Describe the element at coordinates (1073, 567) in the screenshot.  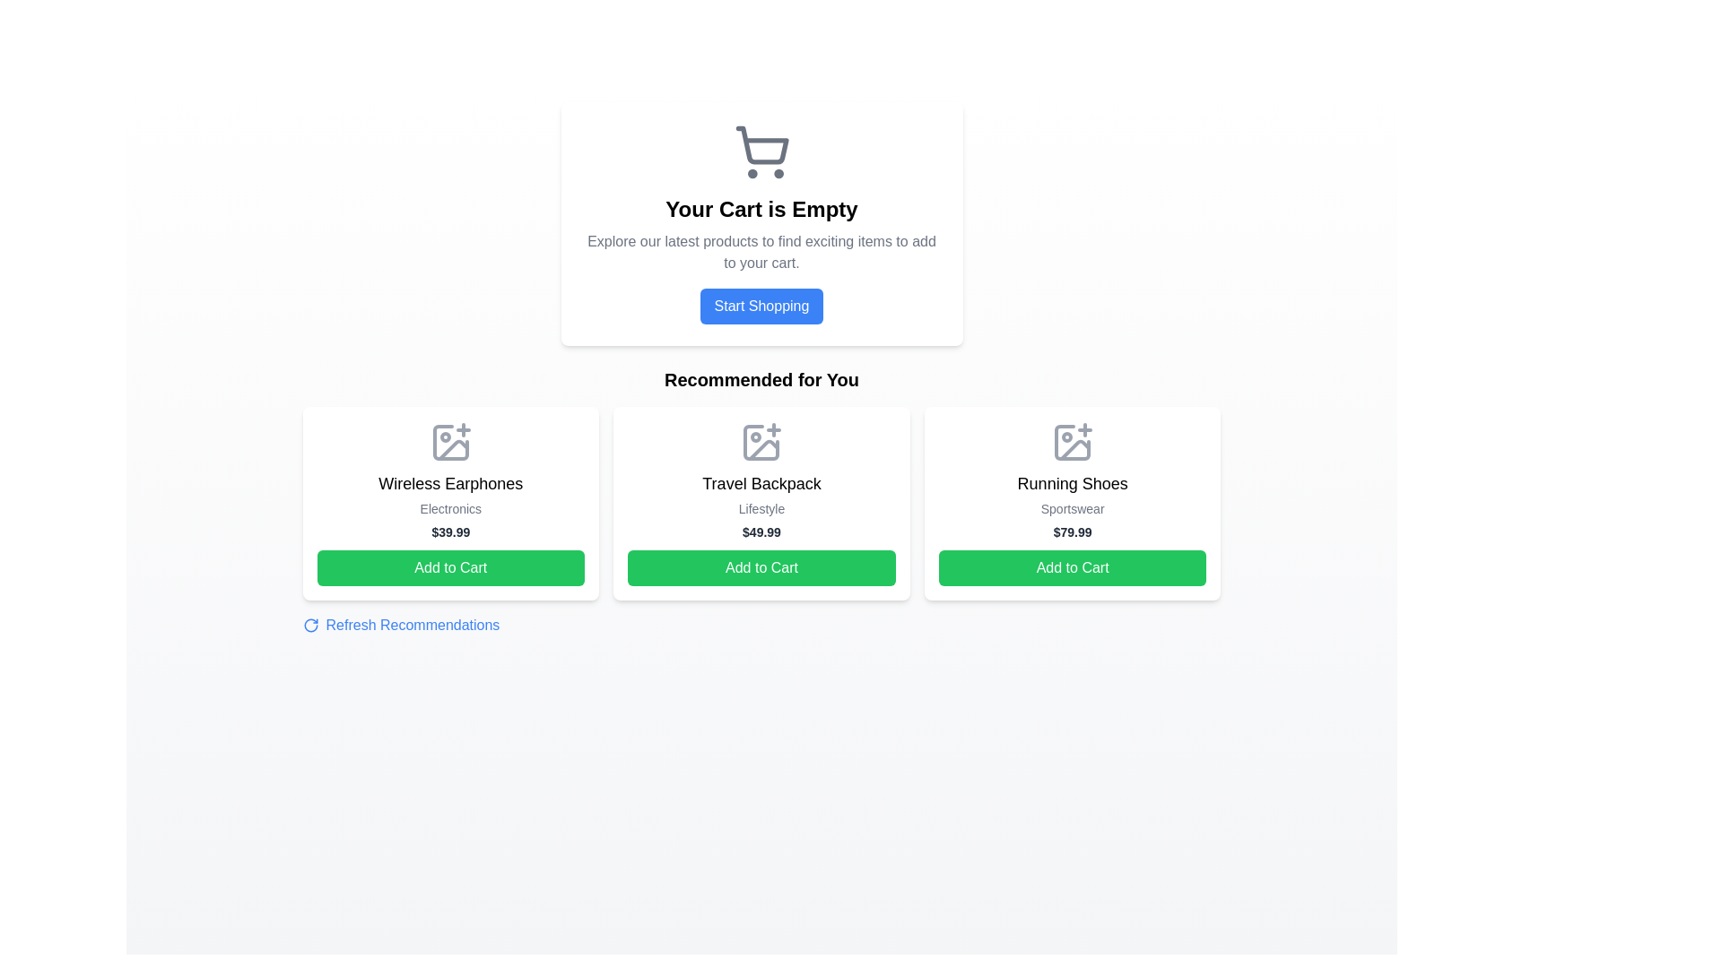
I see `the 'Add to Cart' button for 'Running Shoes' located in the third card from the left, positioned below the price '$79.99'` at that location.